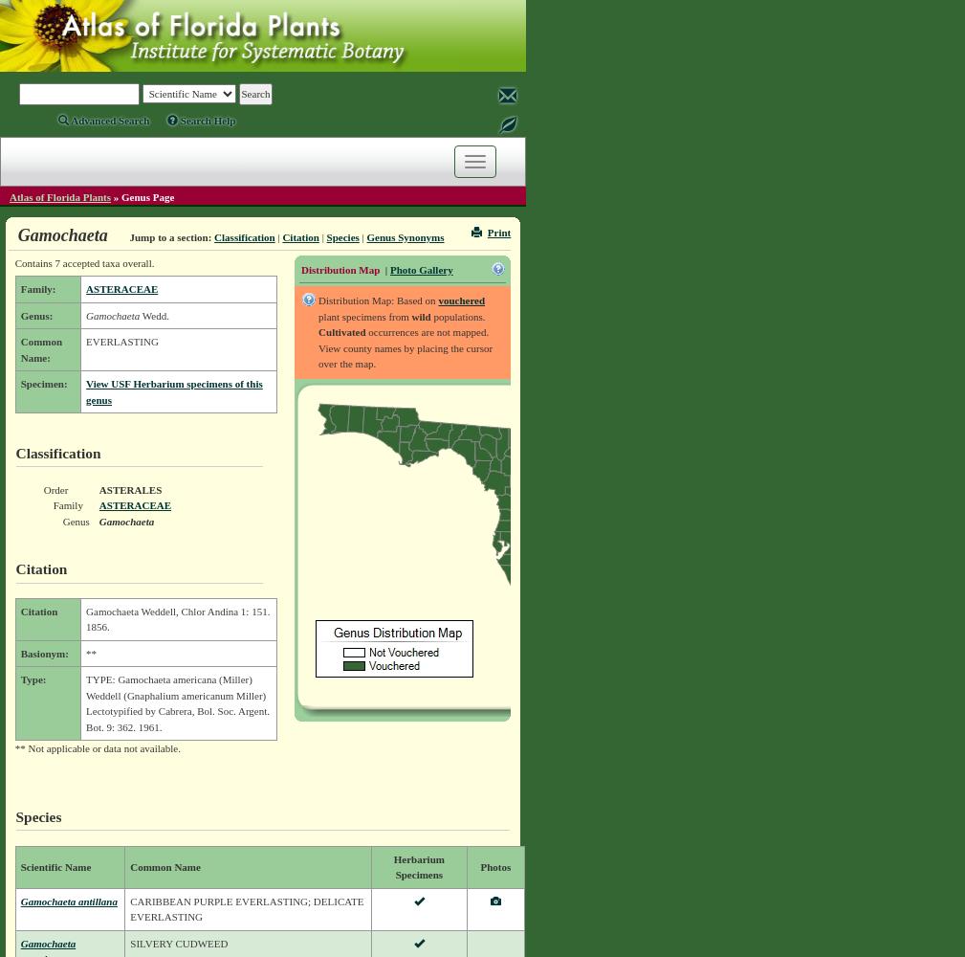 The image size is (965, 957). Describe the element at coordinates (173, 391) in the screenshot. I see `'View USF Herbarium specimens of this genus'` at that location.